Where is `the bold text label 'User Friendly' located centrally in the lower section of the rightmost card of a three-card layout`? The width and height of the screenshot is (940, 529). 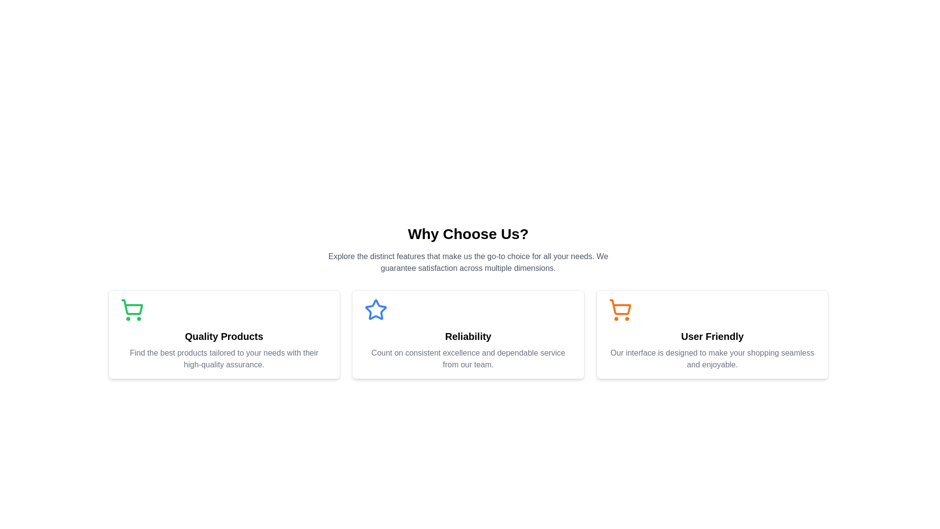
the bold text label 'User Friendly' located centrally in the lower section of the rightmost card of a three-card layout is located at coordinates (712, 336).